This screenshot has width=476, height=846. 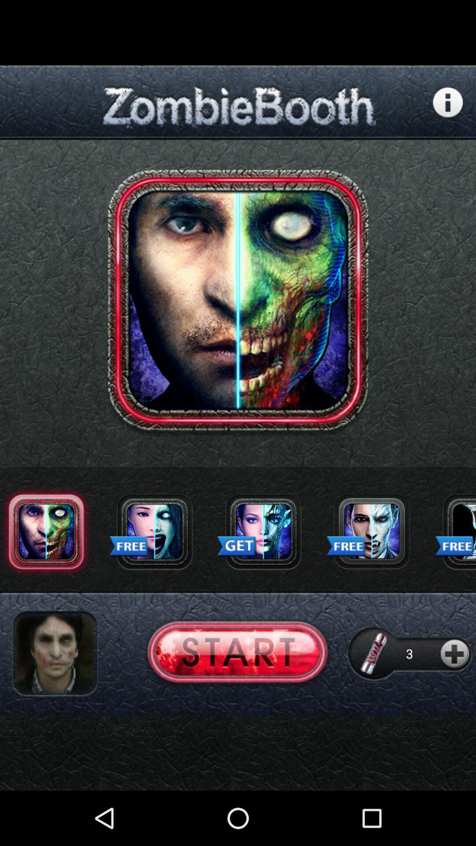 I want to click on the add icon, so click(x=456, y=699).